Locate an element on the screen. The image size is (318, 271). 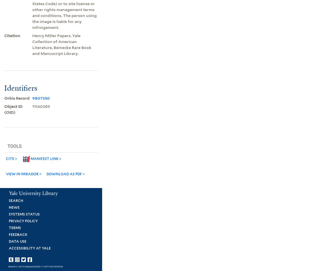
'News' is located at coordinates (14, 207).